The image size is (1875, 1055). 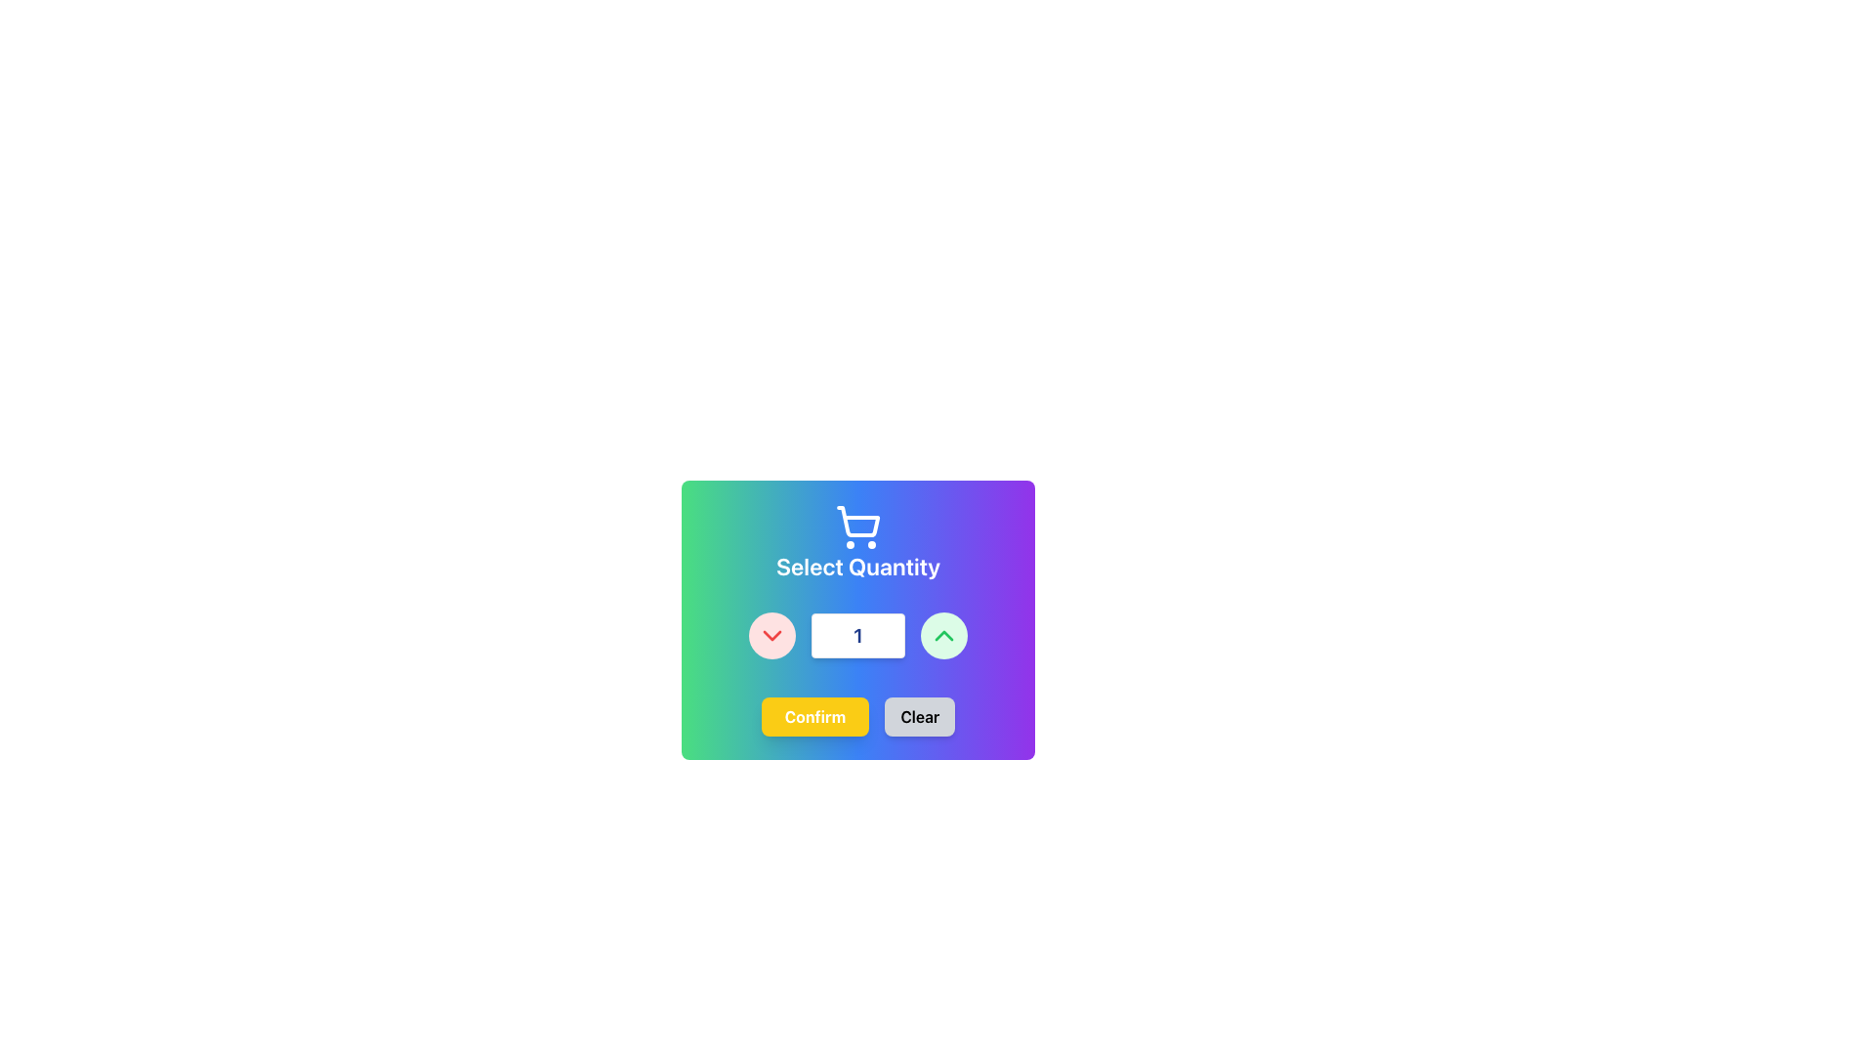 What do you see at coordinates (943, 636) in the screenshot?
I see `the increment button located on the far right of the 'Select Quantity' dialog to increase the numeric value displayed in the central text field` at bounding box center [943, 636].